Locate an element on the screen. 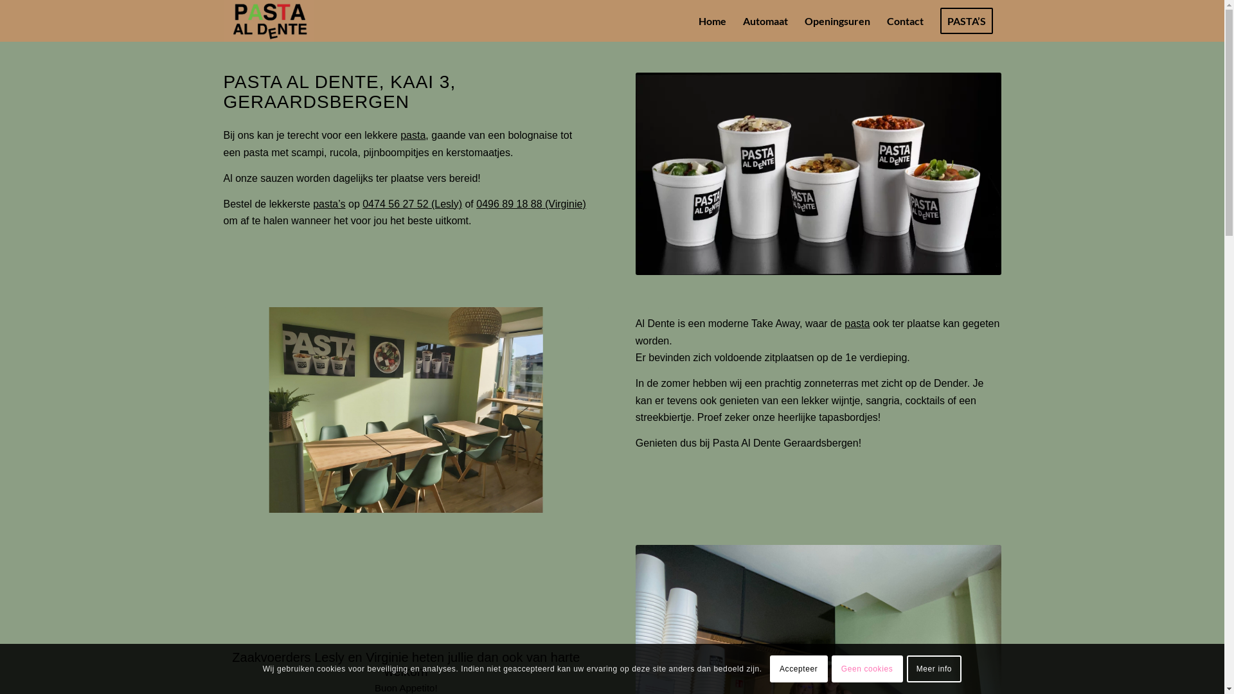  'Contact' is located at coordinates (877, 21).